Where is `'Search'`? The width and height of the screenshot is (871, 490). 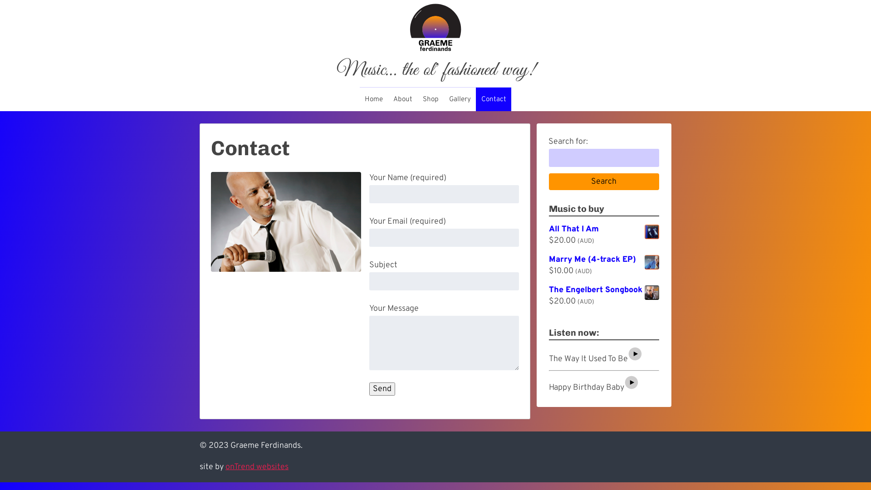
'Search' is located at coordinates (604, 182).